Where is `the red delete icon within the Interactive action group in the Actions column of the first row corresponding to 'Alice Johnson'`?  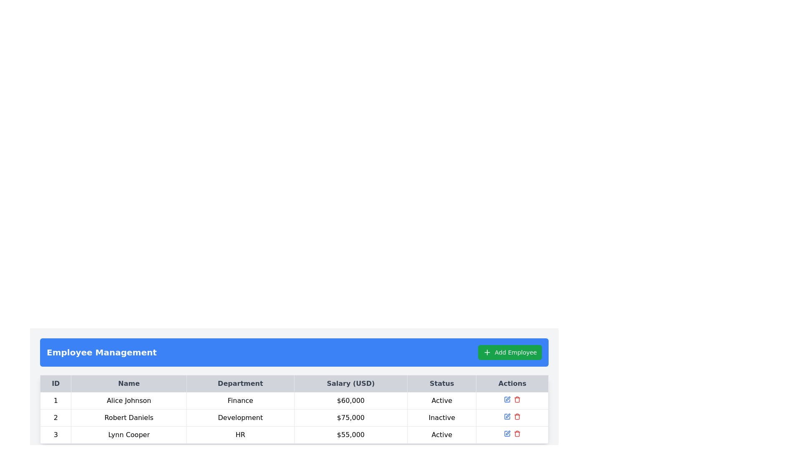 the red delete icon within the Interactive action group in the Actions column of the first row corresponding to 'Alice Johnson' is located at coordinates (512, 400).